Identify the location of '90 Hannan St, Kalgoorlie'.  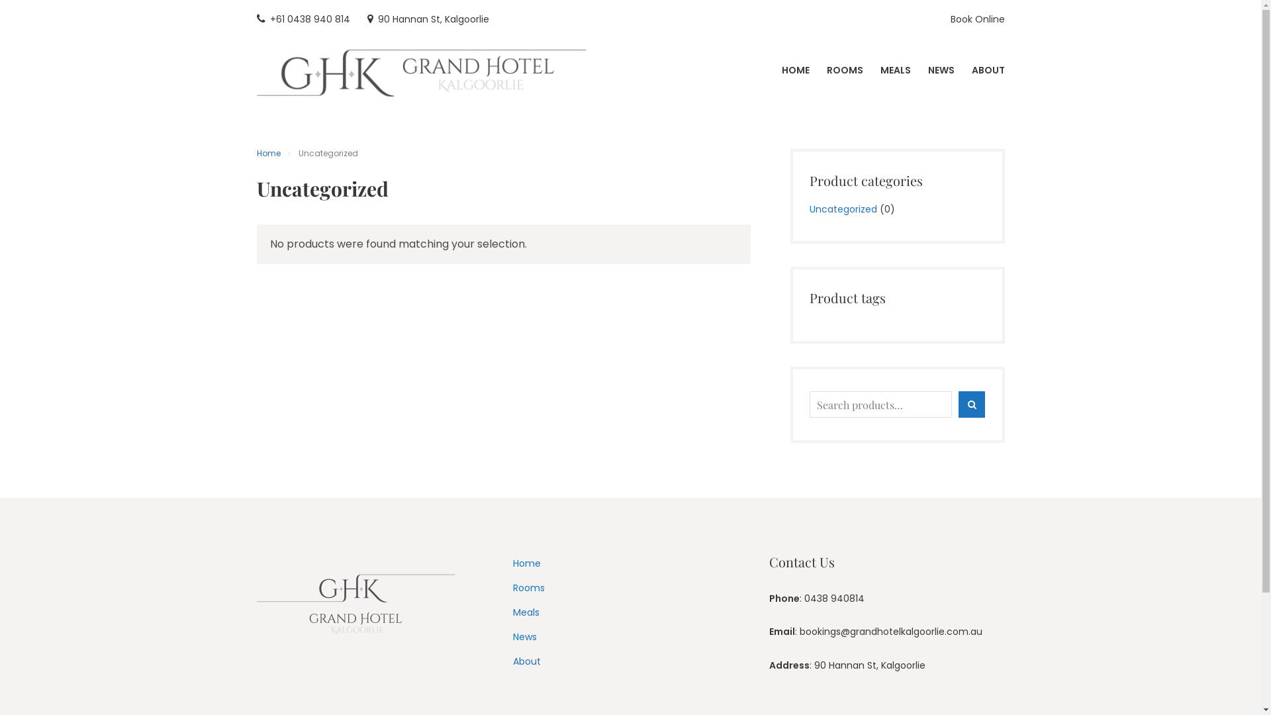
(366, 19).